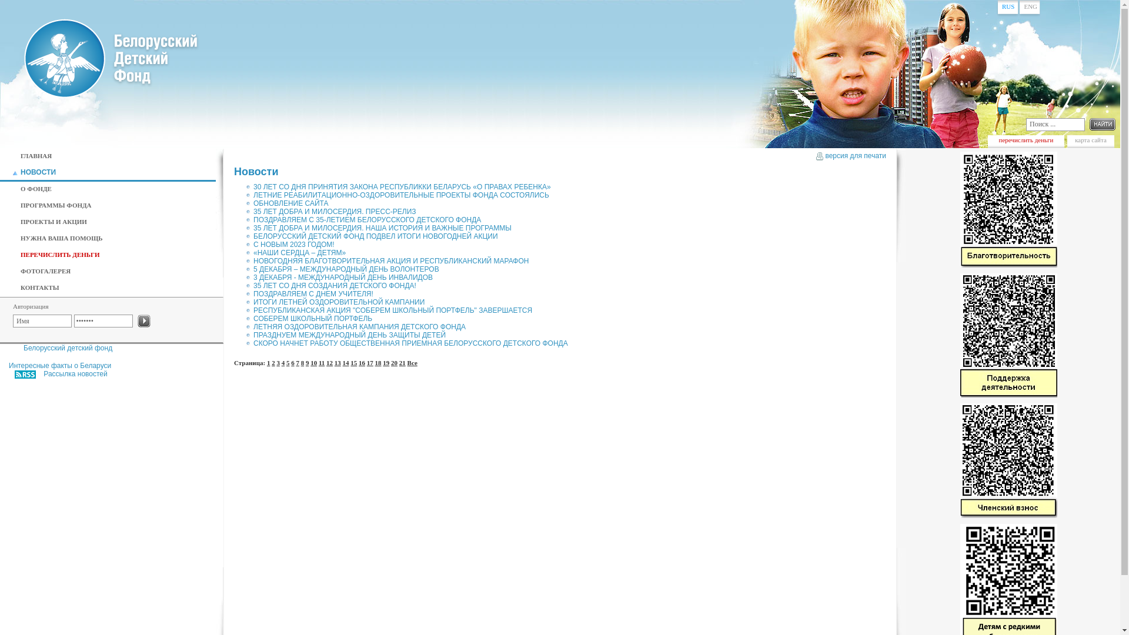 The width and height of the screenshot is (1129, 635). I want to click on '13', so click(337, 359).